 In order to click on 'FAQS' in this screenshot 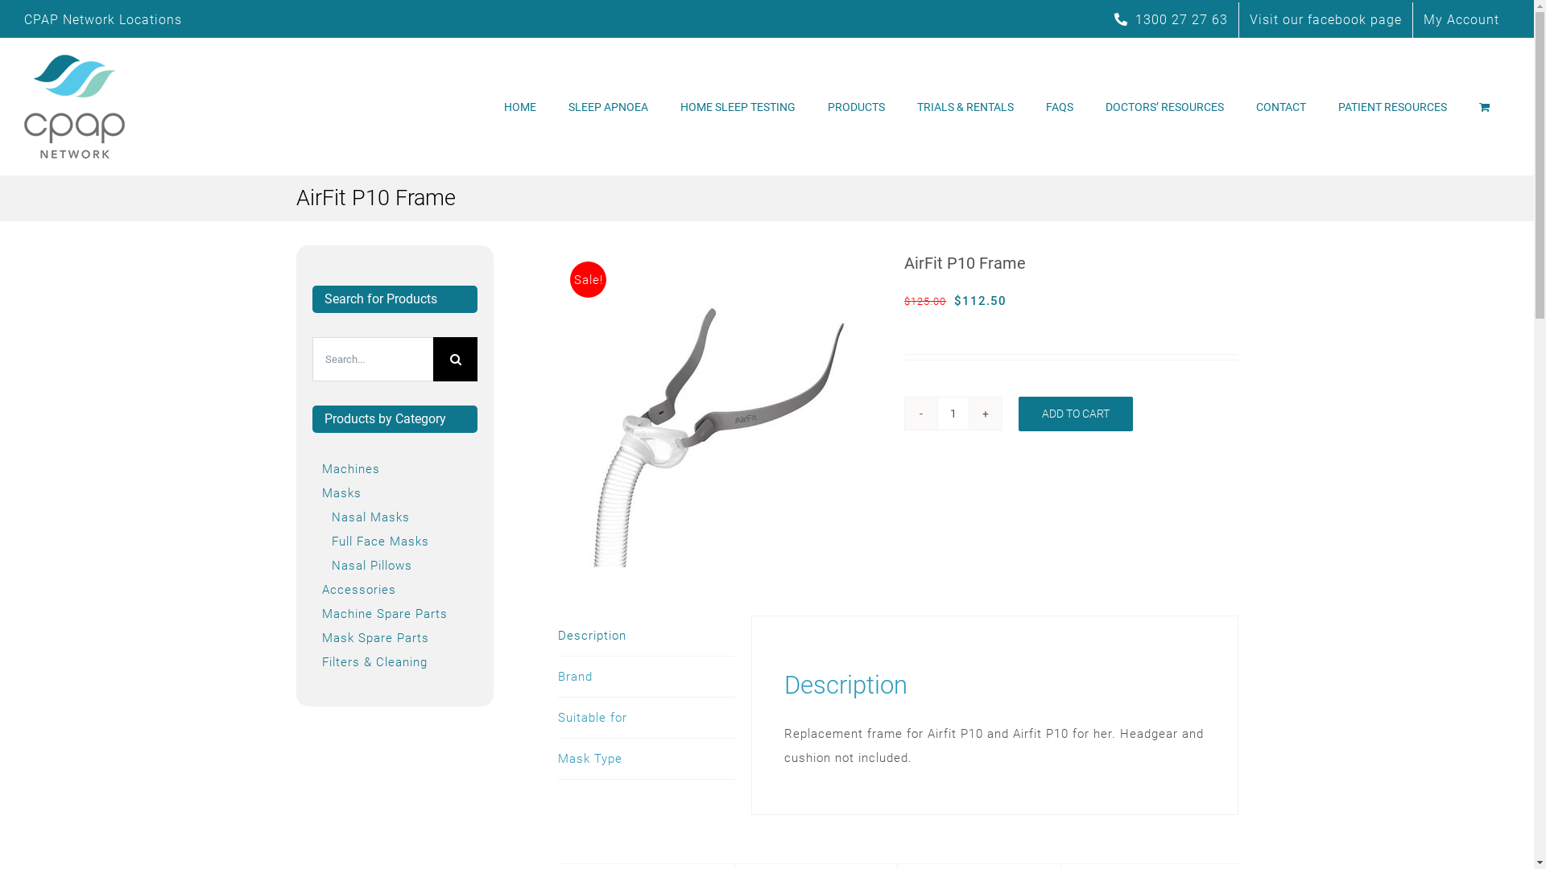, I will do `click(1059, 106)`.